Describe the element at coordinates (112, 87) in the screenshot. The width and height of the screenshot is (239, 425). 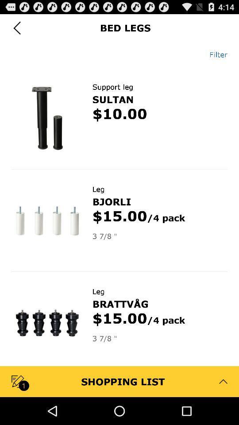
I see `support leg app` at that location.